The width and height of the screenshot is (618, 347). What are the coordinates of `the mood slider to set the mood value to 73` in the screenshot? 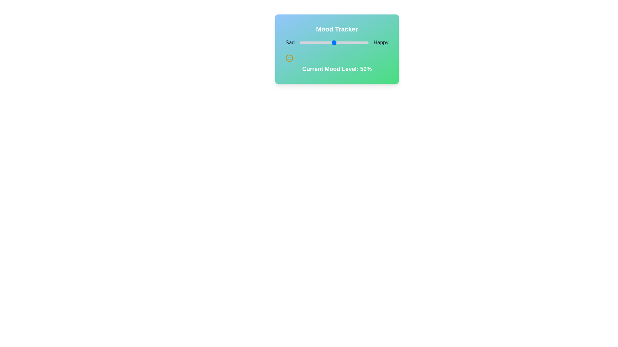 It's located at (350, 42).